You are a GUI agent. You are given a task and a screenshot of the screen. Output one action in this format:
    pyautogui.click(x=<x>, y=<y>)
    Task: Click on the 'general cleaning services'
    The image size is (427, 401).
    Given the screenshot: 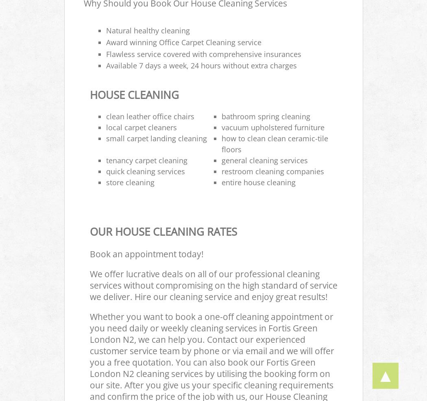 What is the action you would take?
    pyautogui.click(x=264, y=160)
    